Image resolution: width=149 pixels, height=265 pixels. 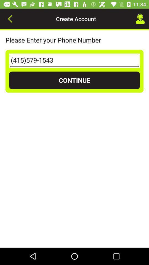 I want to click on icon below (415)579-1543, so click(x=74, y=80).